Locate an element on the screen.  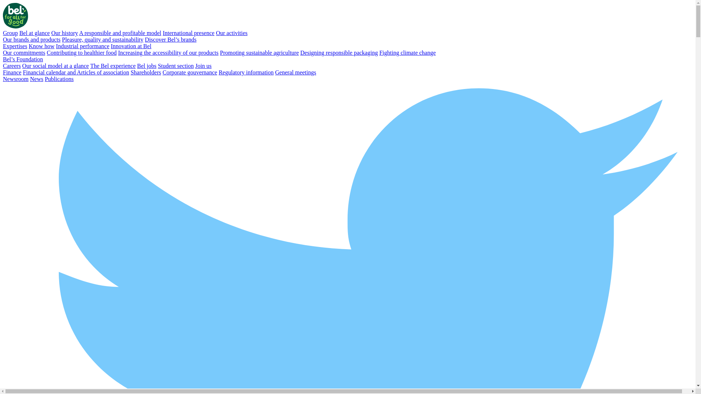
'Join us' is located at coordinates (203, 66).